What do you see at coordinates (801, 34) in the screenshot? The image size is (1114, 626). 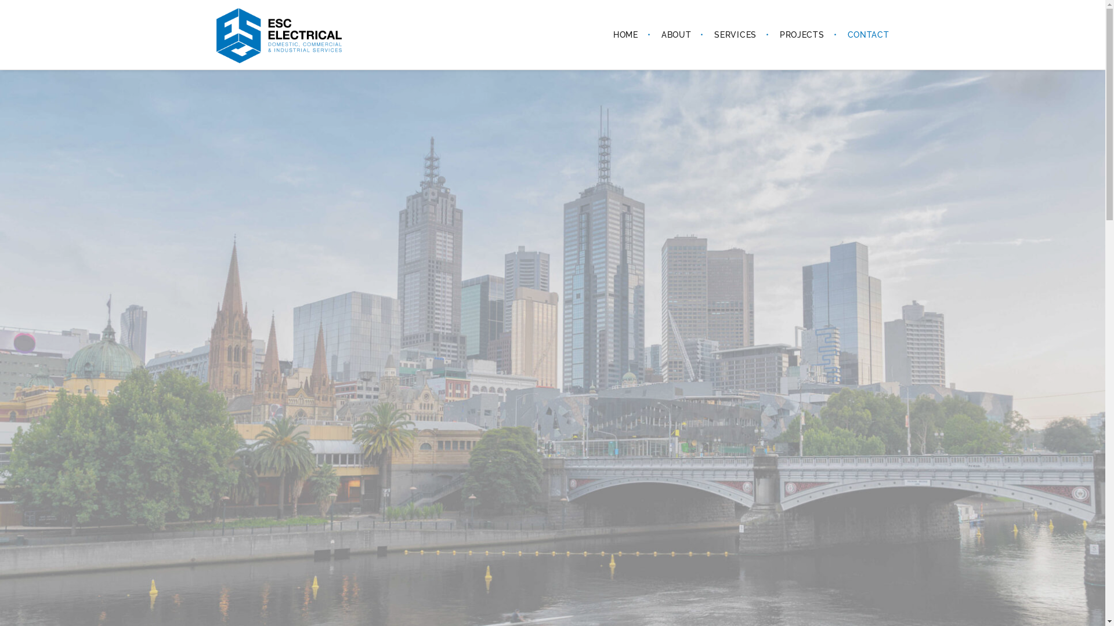 I see `'PROJECTS'` at bounding box center [801, 34].